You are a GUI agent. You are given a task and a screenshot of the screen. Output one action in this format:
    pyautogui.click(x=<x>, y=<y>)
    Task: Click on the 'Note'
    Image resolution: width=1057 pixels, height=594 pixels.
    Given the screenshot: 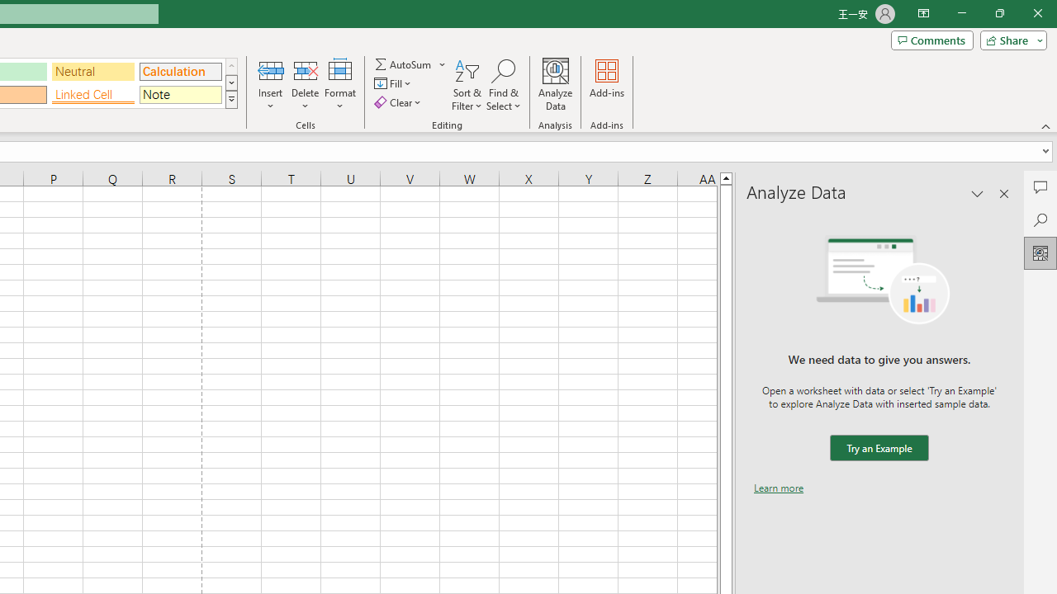 What is the action you would take?
    pyautogui.click(x=180, y=94)
    